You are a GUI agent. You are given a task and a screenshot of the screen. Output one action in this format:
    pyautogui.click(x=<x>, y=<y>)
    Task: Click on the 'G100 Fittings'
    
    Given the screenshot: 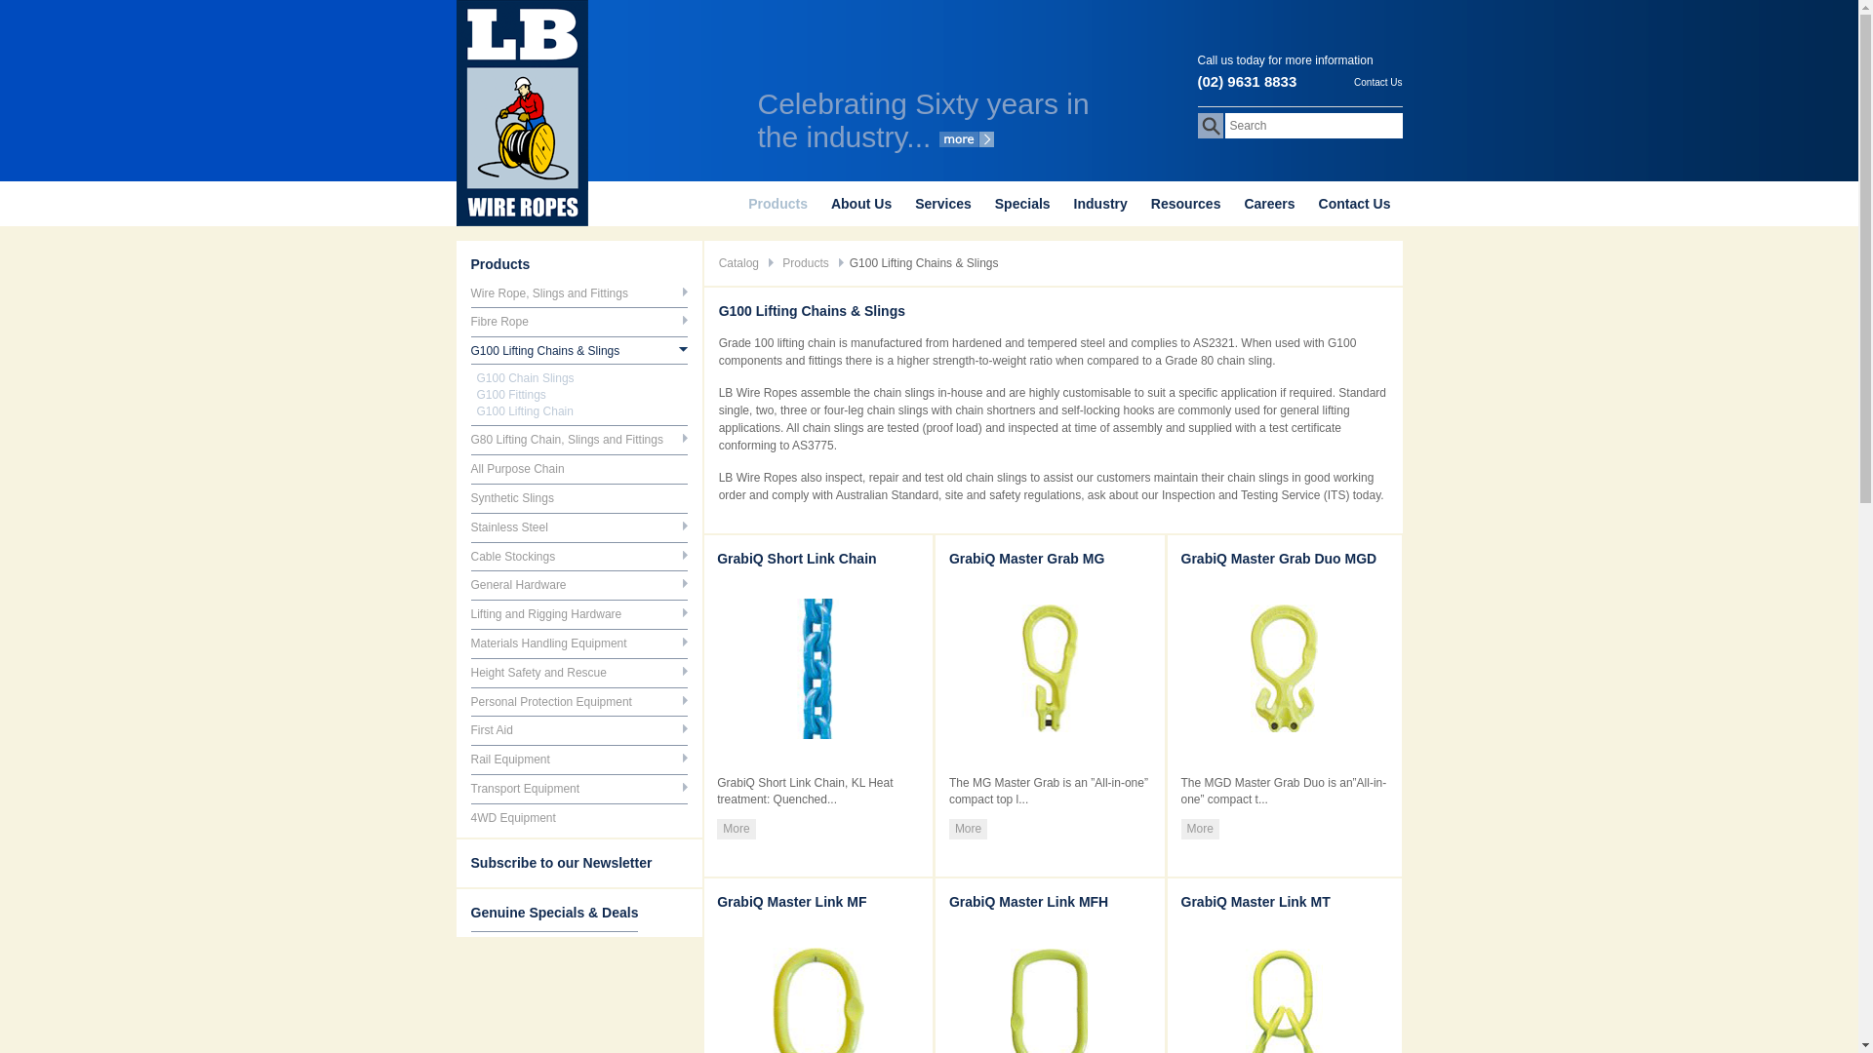 What is the action you would take?
    pyautogui.click(x=510, y=395)
    